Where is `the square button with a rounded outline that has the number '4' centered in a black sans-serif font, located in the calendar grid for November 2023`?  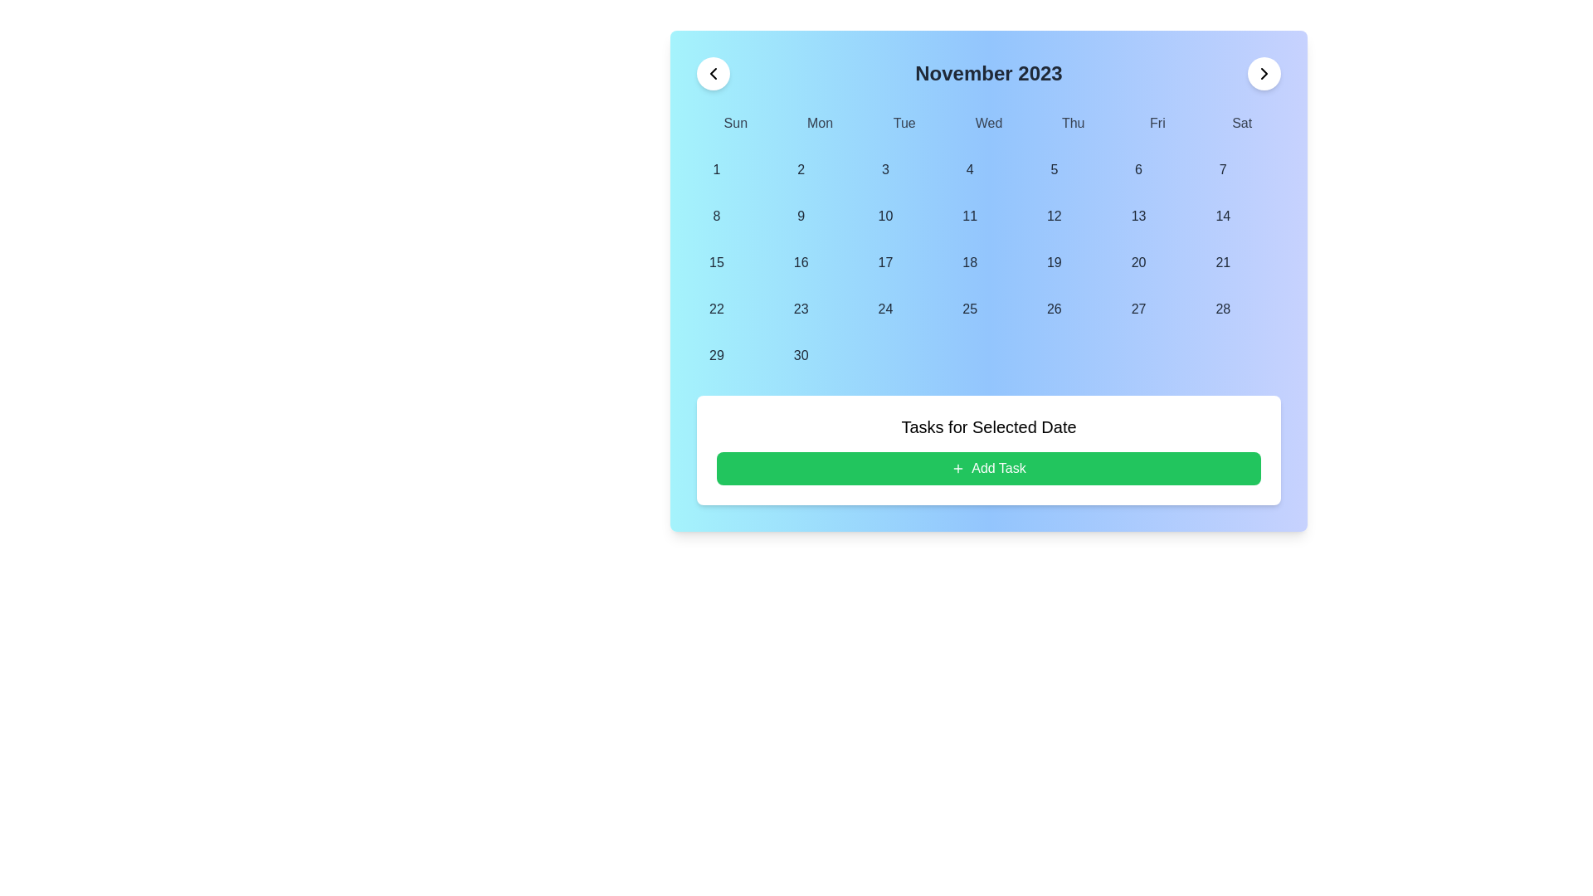
the square button with a rounded outline that has the number '4' centered in a black sans-serif font, located in the calendar grid for November 2023 is located at coordinates (970, 169).